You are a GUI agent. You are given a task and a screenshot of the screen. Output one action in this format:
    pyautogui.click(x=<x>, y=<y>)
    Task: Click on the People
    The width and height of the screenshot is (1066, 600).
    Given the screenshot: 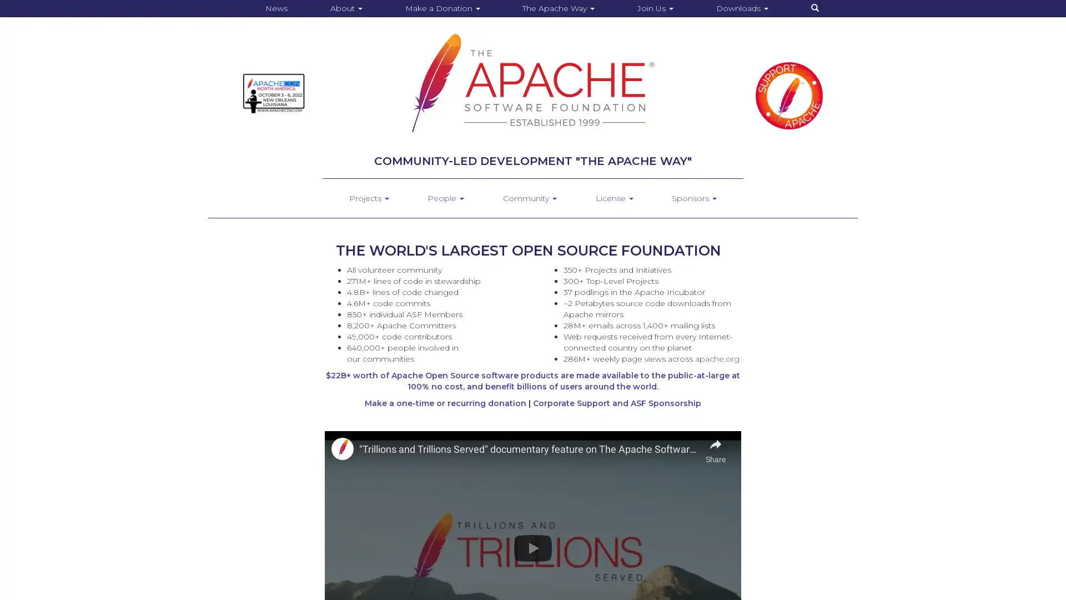 What is the action you would take?
    pyautogui.click(x=445, y=198)
    